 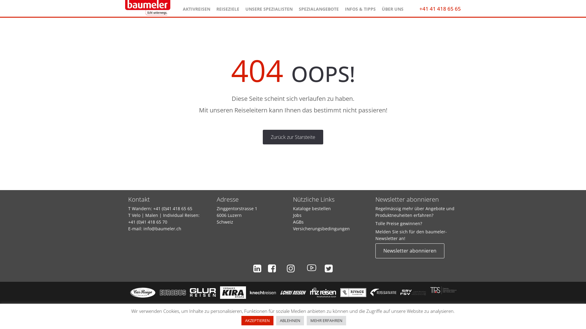 I want to click on 'info@baumeler.ch', so click(x=162, y=228).